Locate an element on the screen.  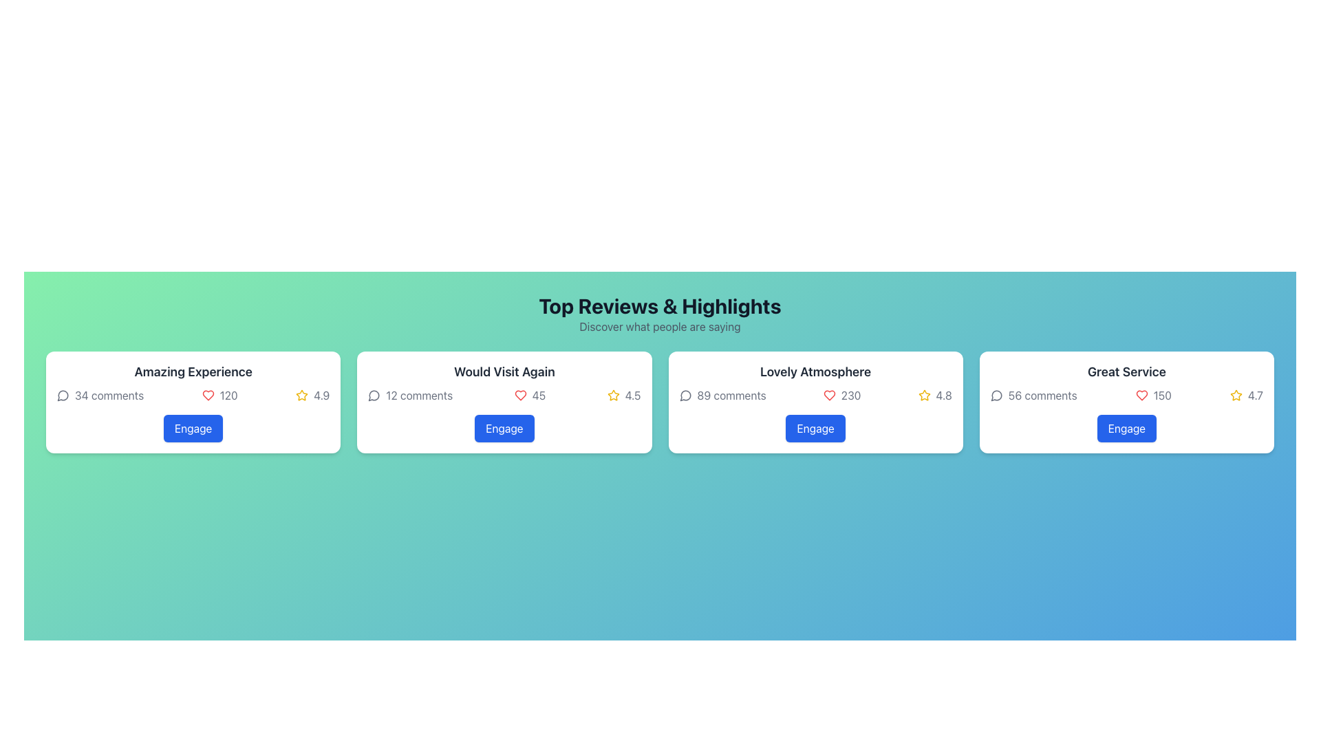
the comments icon located in the third card from the left under 'Top Reviews & Highlights', adjacent to the text '89 comments' is located at coordinates (685, 395).